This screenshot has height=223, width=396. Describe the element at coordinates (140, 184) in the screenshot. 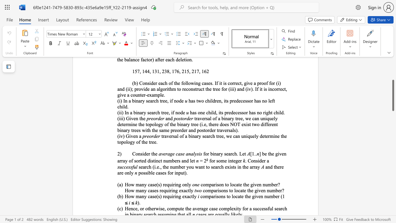

I see `the 1th character "a" in the text` at that location.